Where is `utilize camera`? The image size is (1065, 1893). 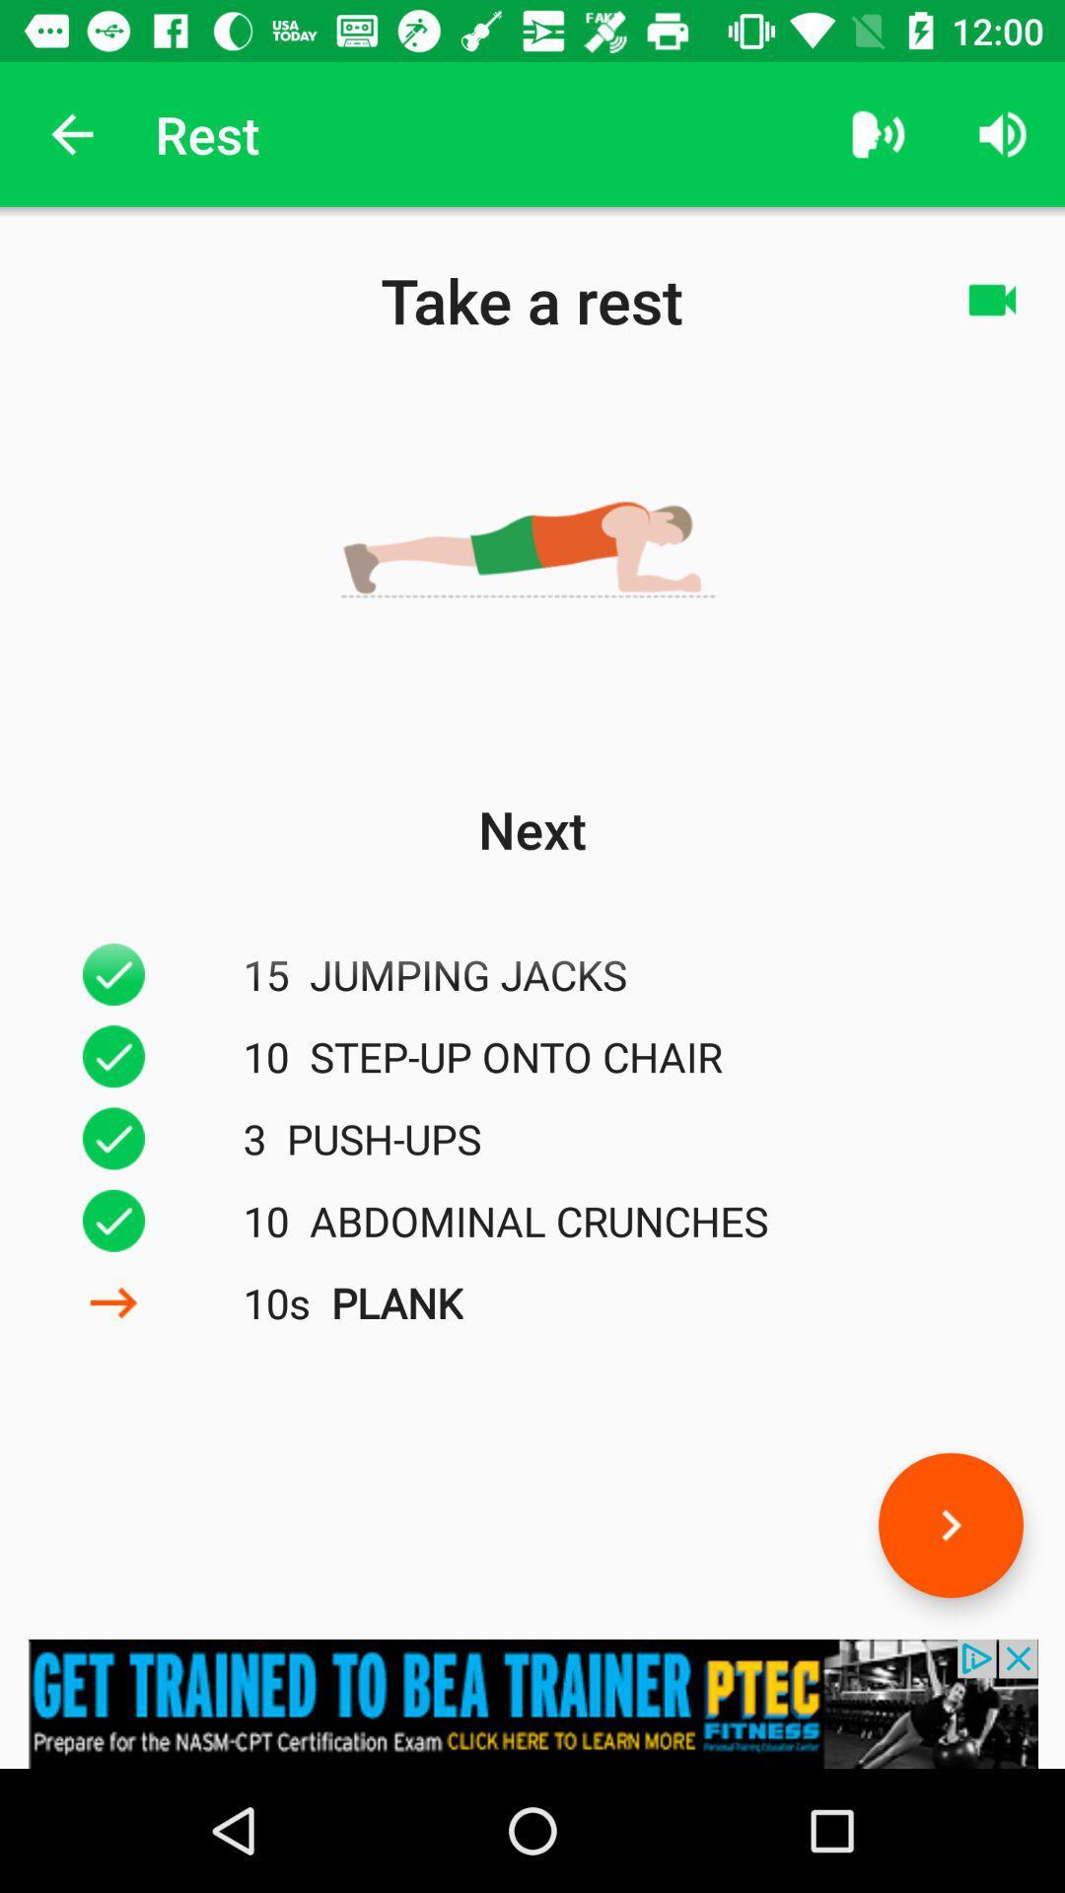
utilize camera is located at coordinates (992, 299).